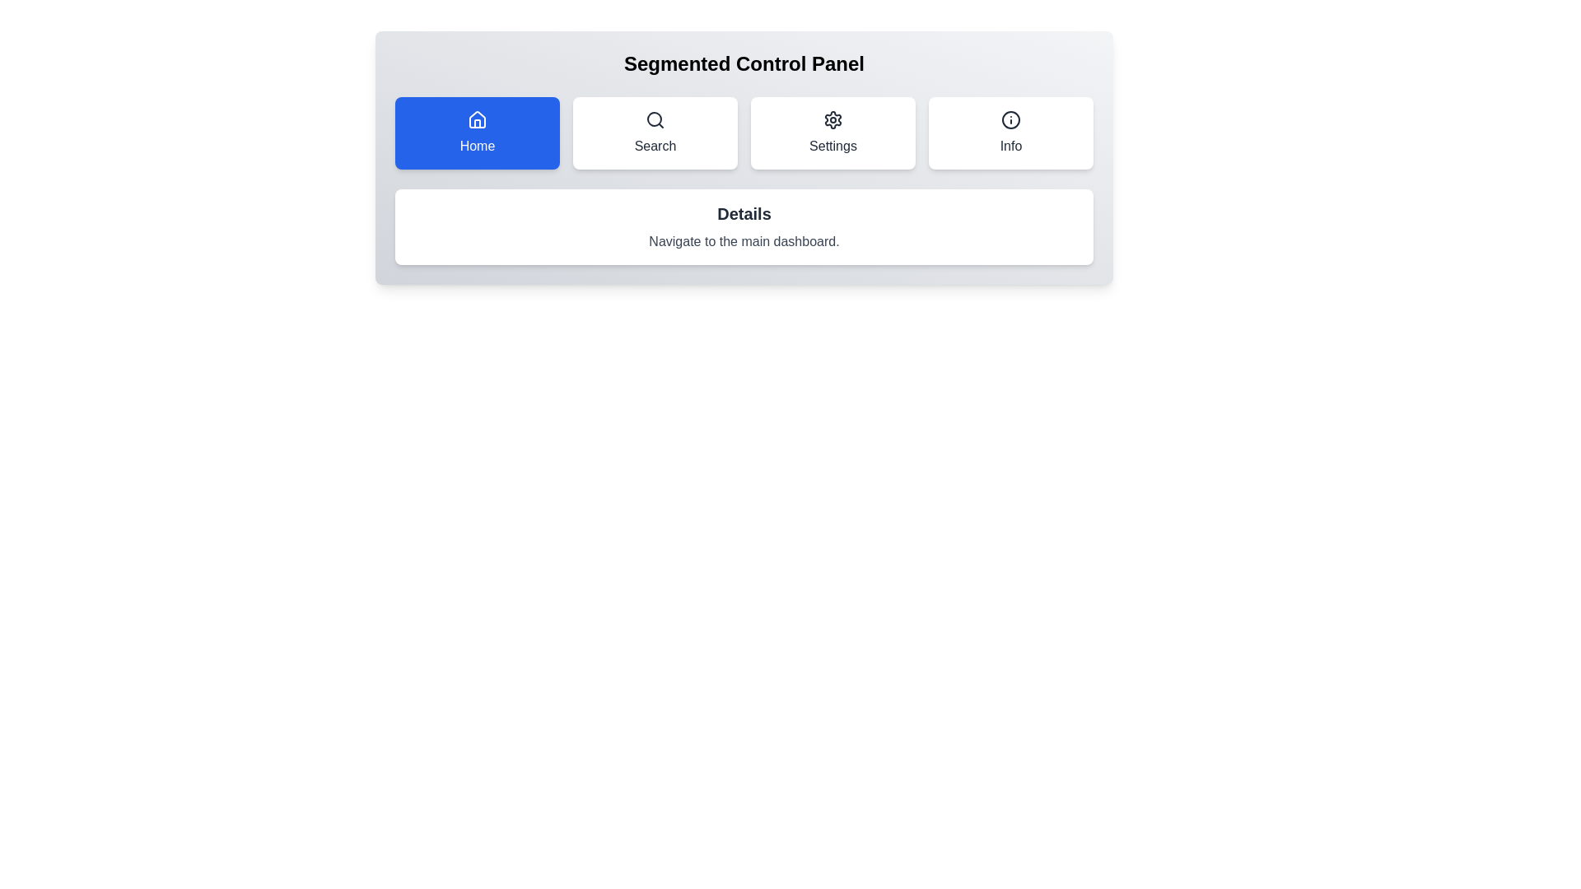 The width and height of the screenshot is (1581, 889). Describe the element at coordinates (655, 145) in the screenshot. I see `descriptive label text for the Search button, which is positioned below the magnifying glass icon in the segmented control panel` at that location.